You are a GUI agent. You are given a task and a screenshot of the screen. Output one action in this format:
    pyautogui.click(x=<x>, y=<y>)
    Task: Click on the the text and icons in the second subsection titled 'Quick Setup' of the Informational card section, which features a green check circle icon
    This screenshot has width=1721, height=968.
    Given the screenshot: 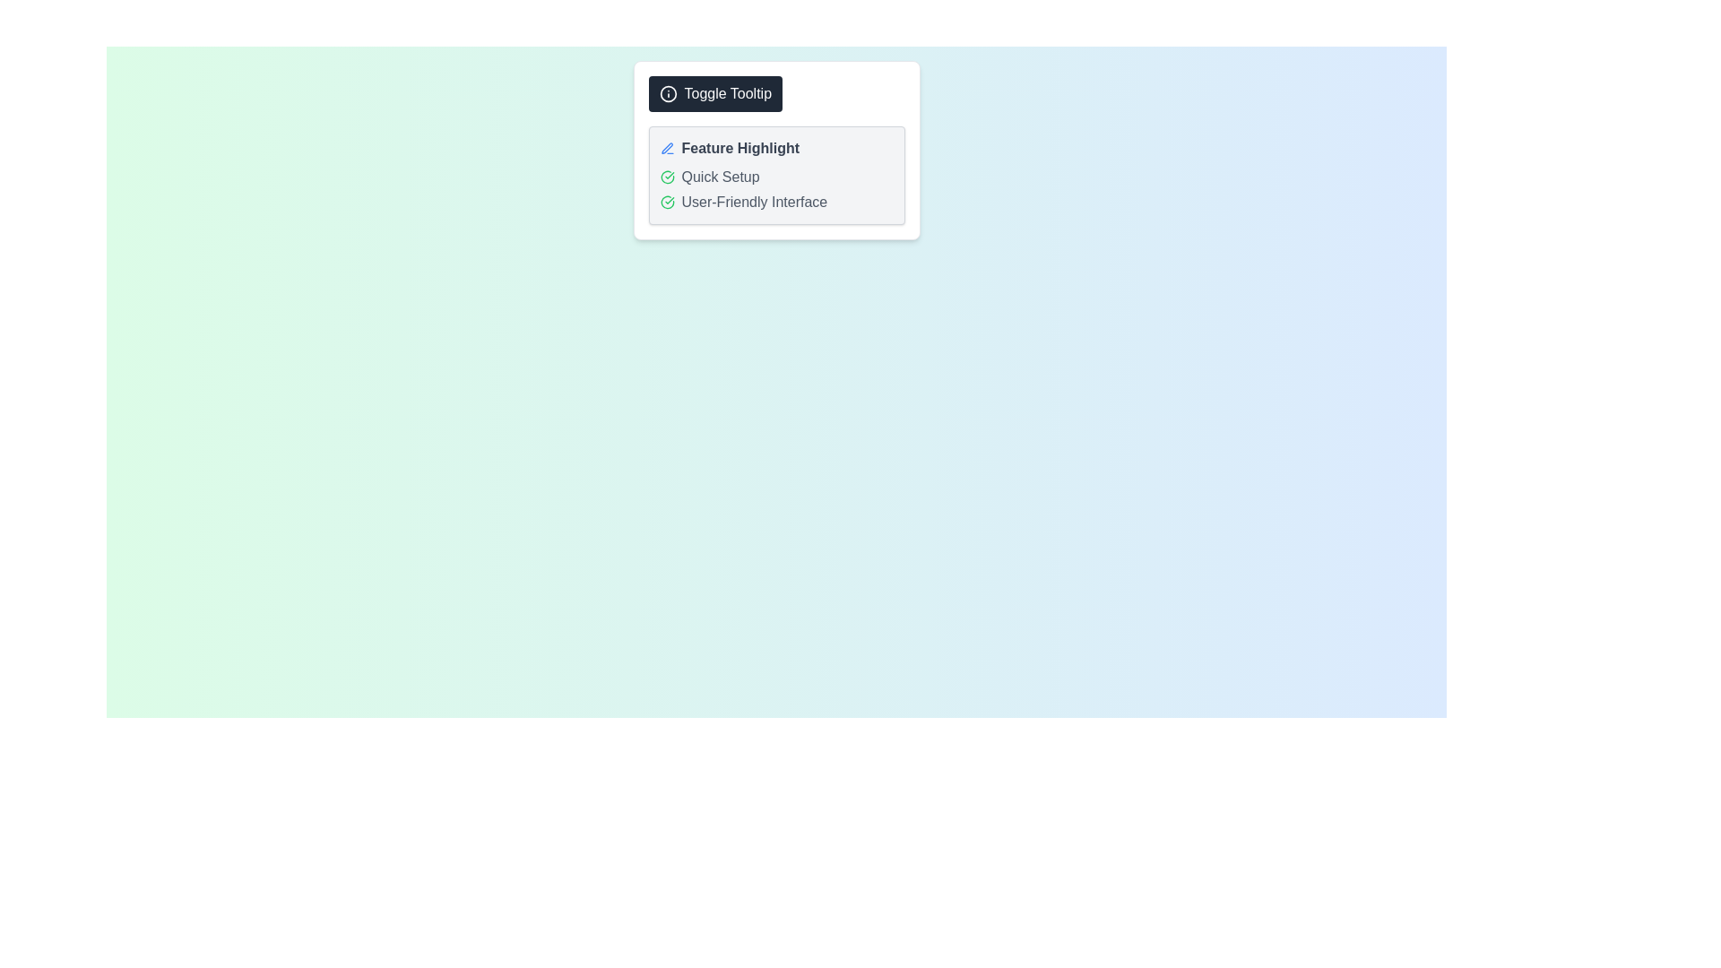 What is the action you would take?
    pyautogui.click(x=776, y=176)
    